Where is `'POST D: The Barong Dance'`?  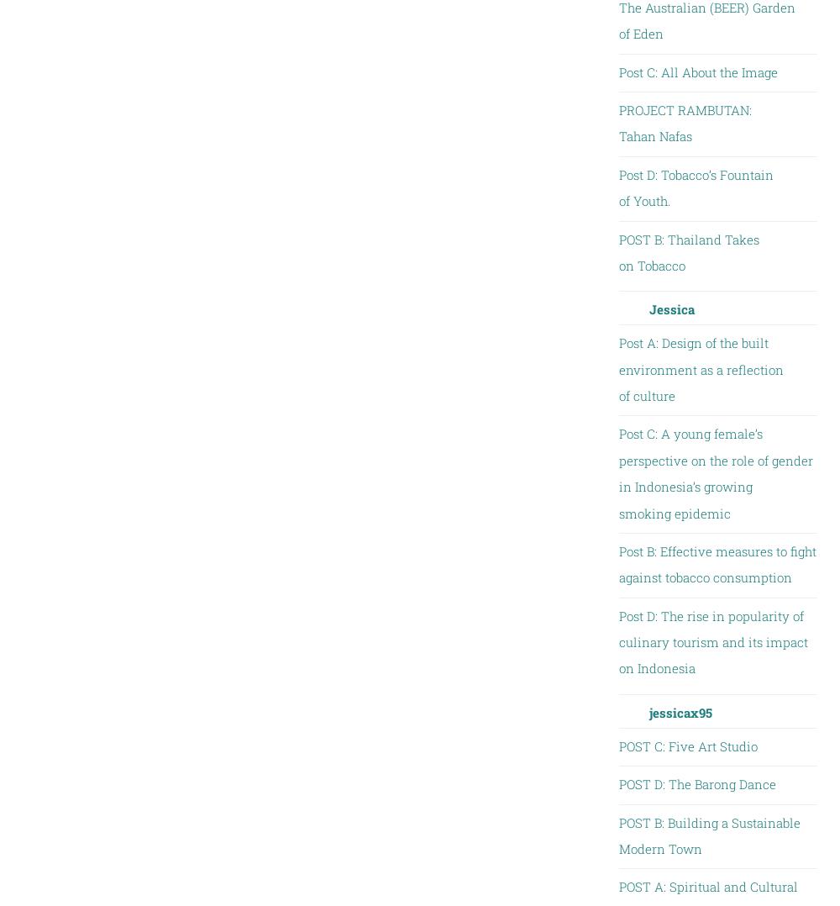
'POST D: The Barong Dance' is located at coordinates (696, 783).